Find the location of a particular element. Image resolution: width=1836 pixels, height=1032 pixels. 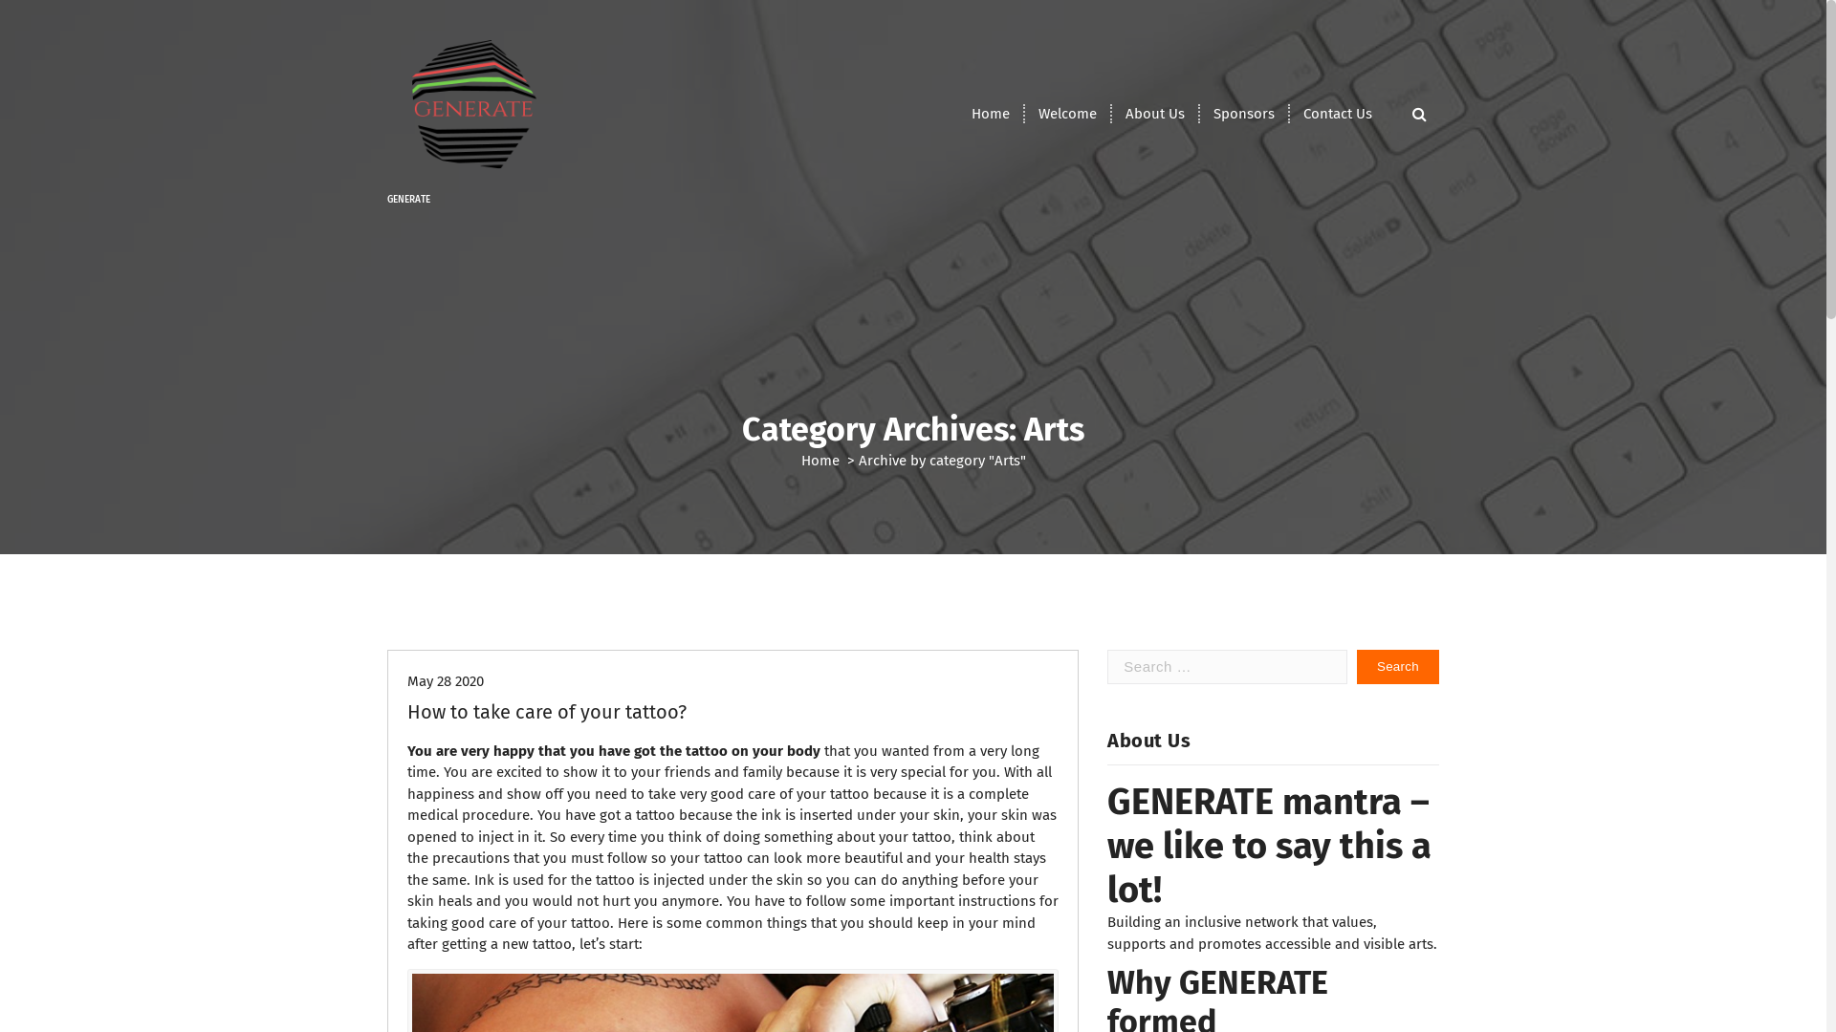

'How to take care of your tattoo?' is located at coordinates (545, 711).